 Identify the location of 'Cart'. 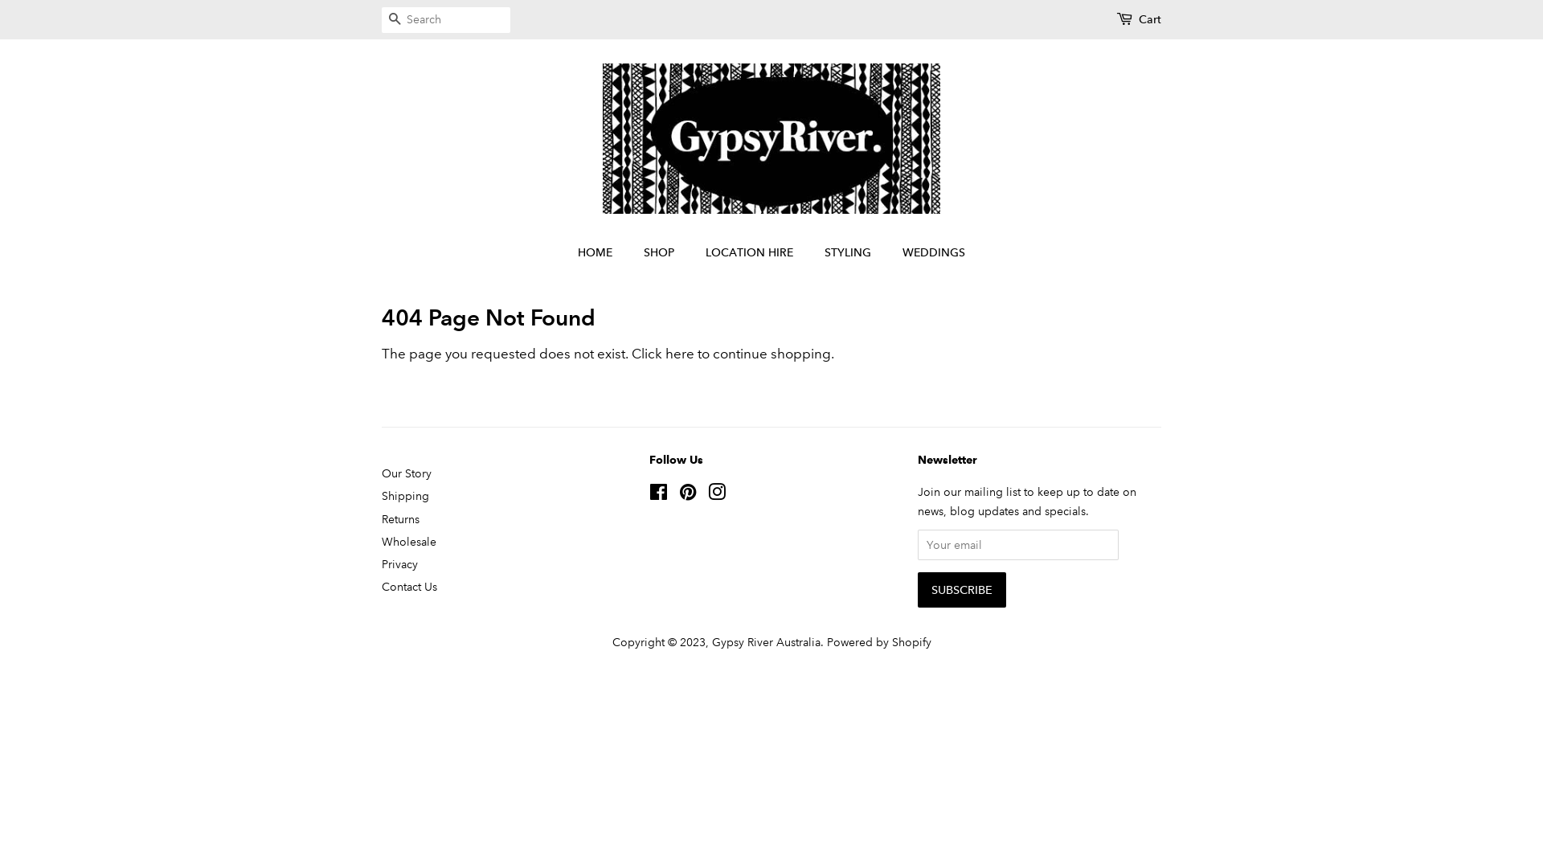
(1148, 19).